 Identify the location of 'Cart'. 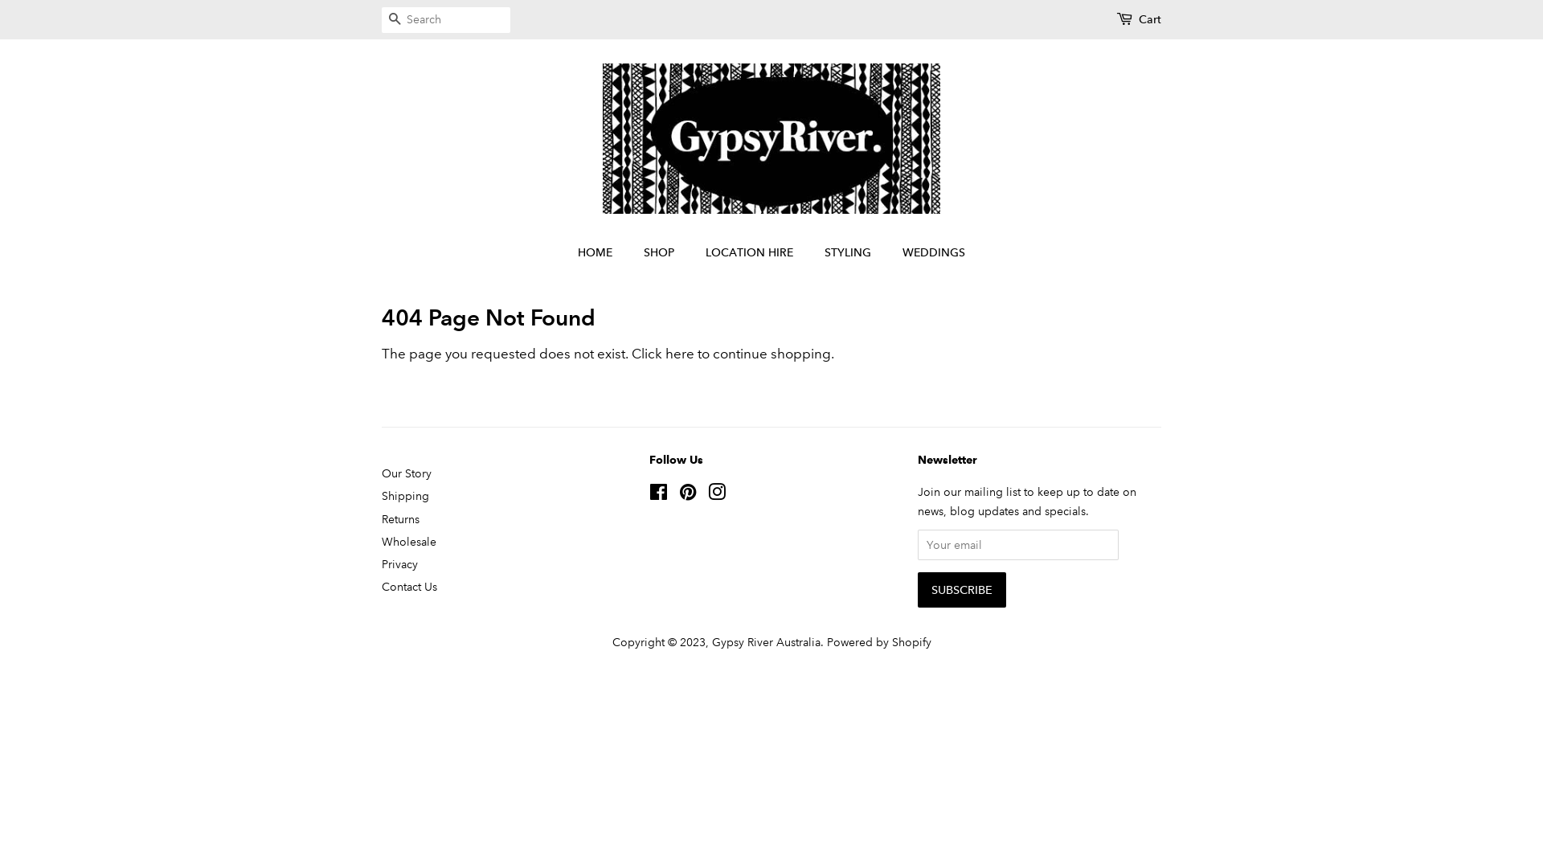
(1148, 19).